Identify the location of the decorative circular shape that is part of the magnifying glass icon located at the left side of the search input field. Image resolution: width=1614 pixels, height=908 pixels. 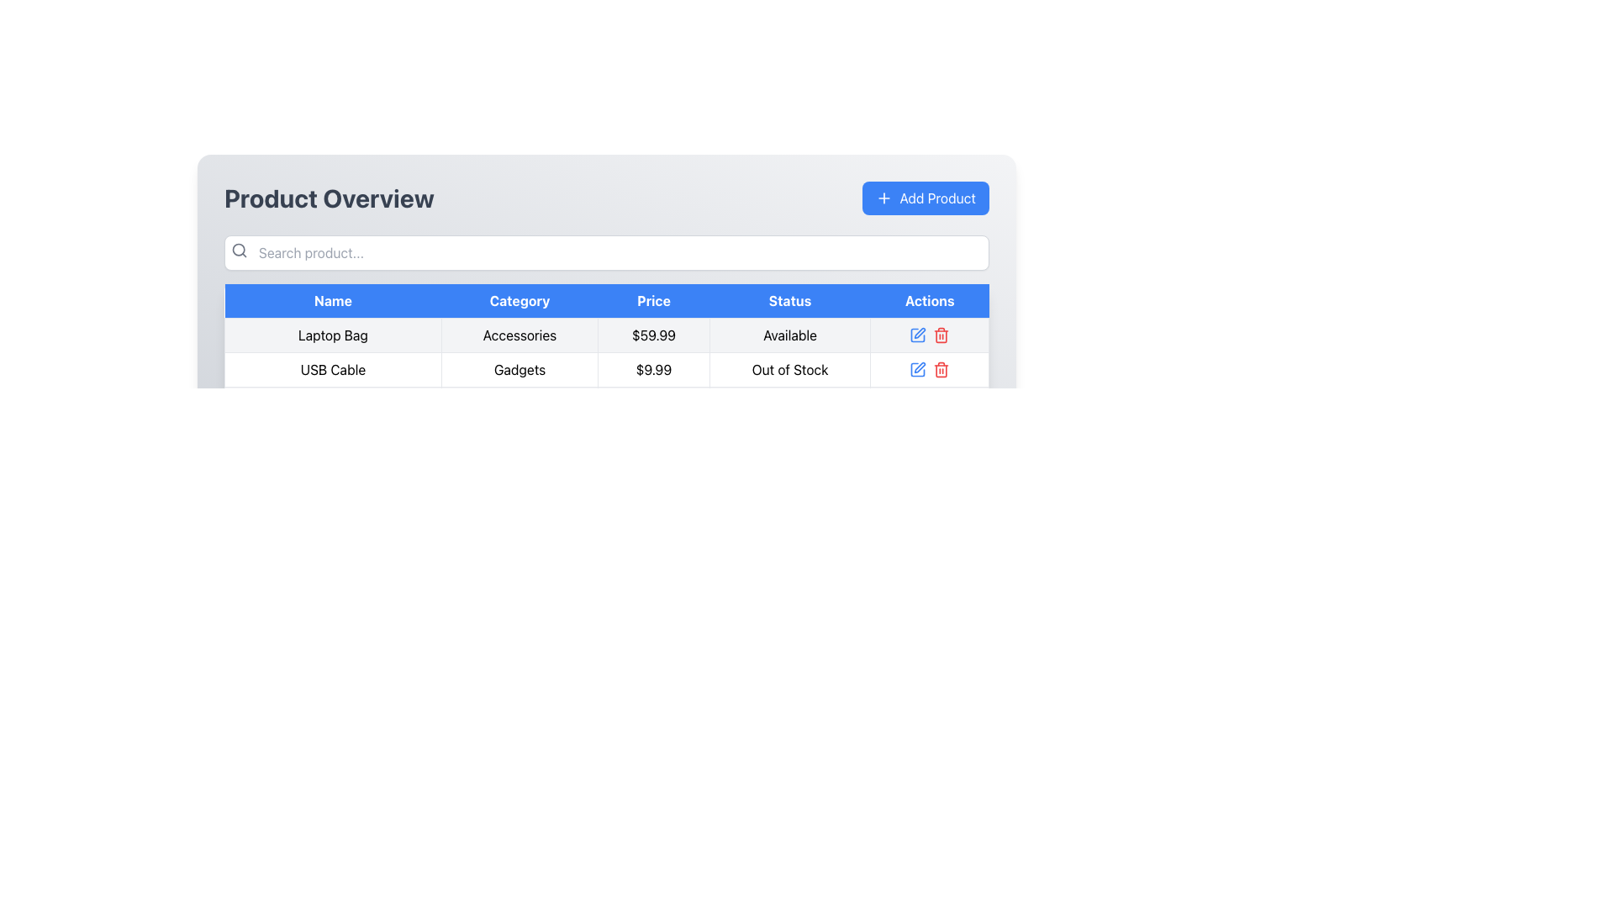
(238, 250).